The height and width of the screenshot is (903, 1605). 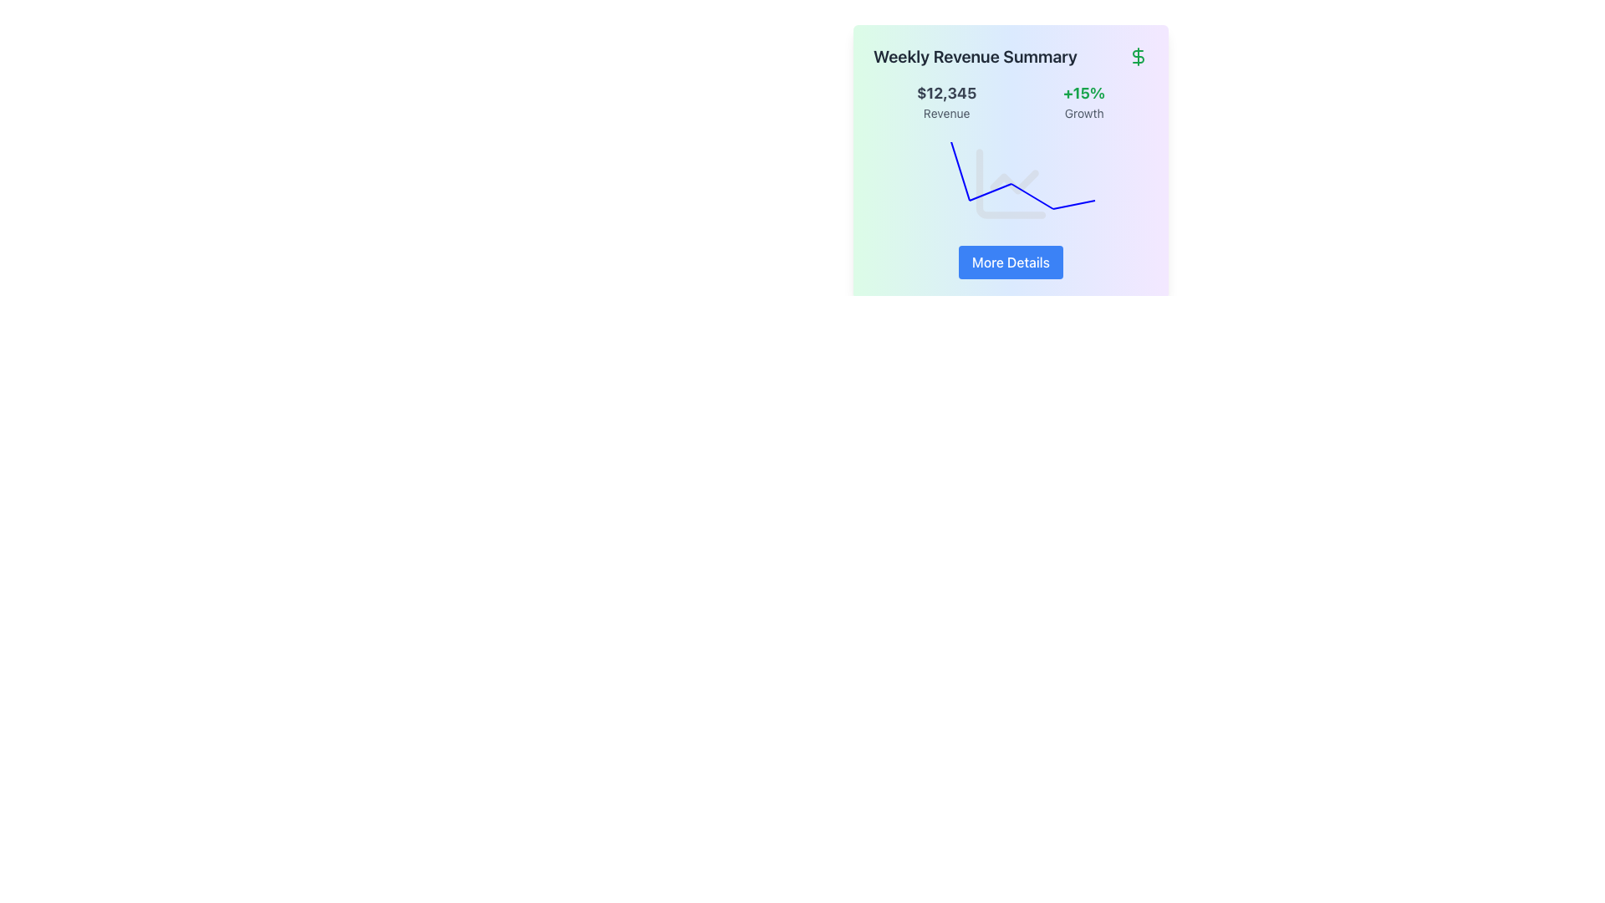 What do you see at coordinates (1138, 56) in the screenshot?
I see `the dollar sign icon with a green stroke, located in the top-right corner of the 'Weekly Revenue Summary' component` at bounding box center [1138, 56].